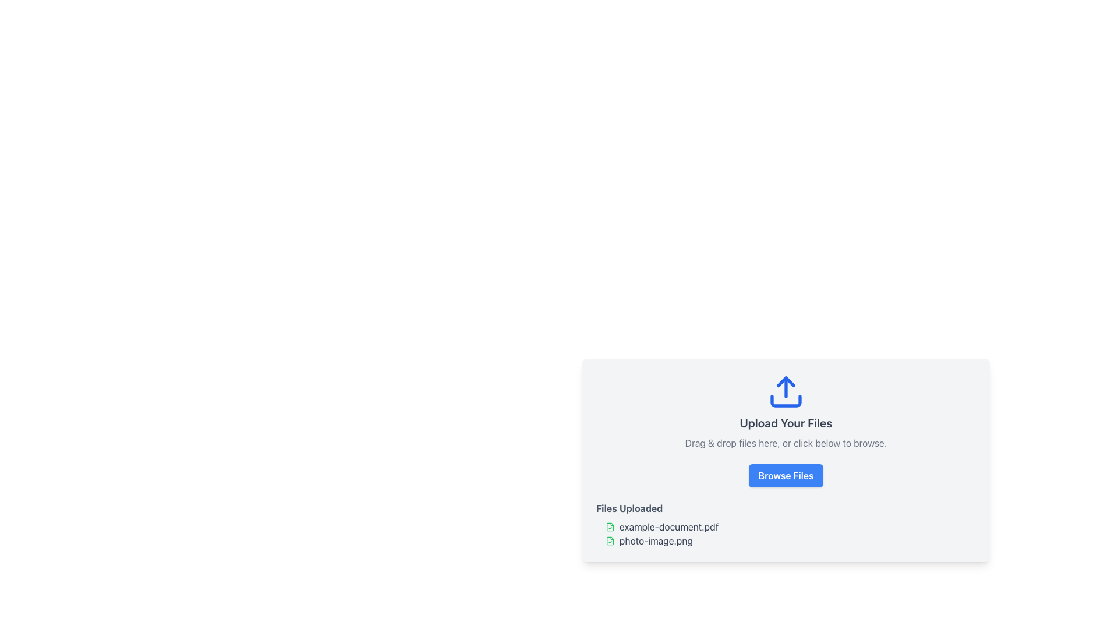 The height and width of the screenshot is (629, 1118). What do you see at coordinates (786, 443) in the screenshot?
I see `the text label that reads 'Drag & drop files here, or click below to browse.' which is located below 'Upload Your Files' and above the 'Browse Files' button` at bounding box center [786, 443].